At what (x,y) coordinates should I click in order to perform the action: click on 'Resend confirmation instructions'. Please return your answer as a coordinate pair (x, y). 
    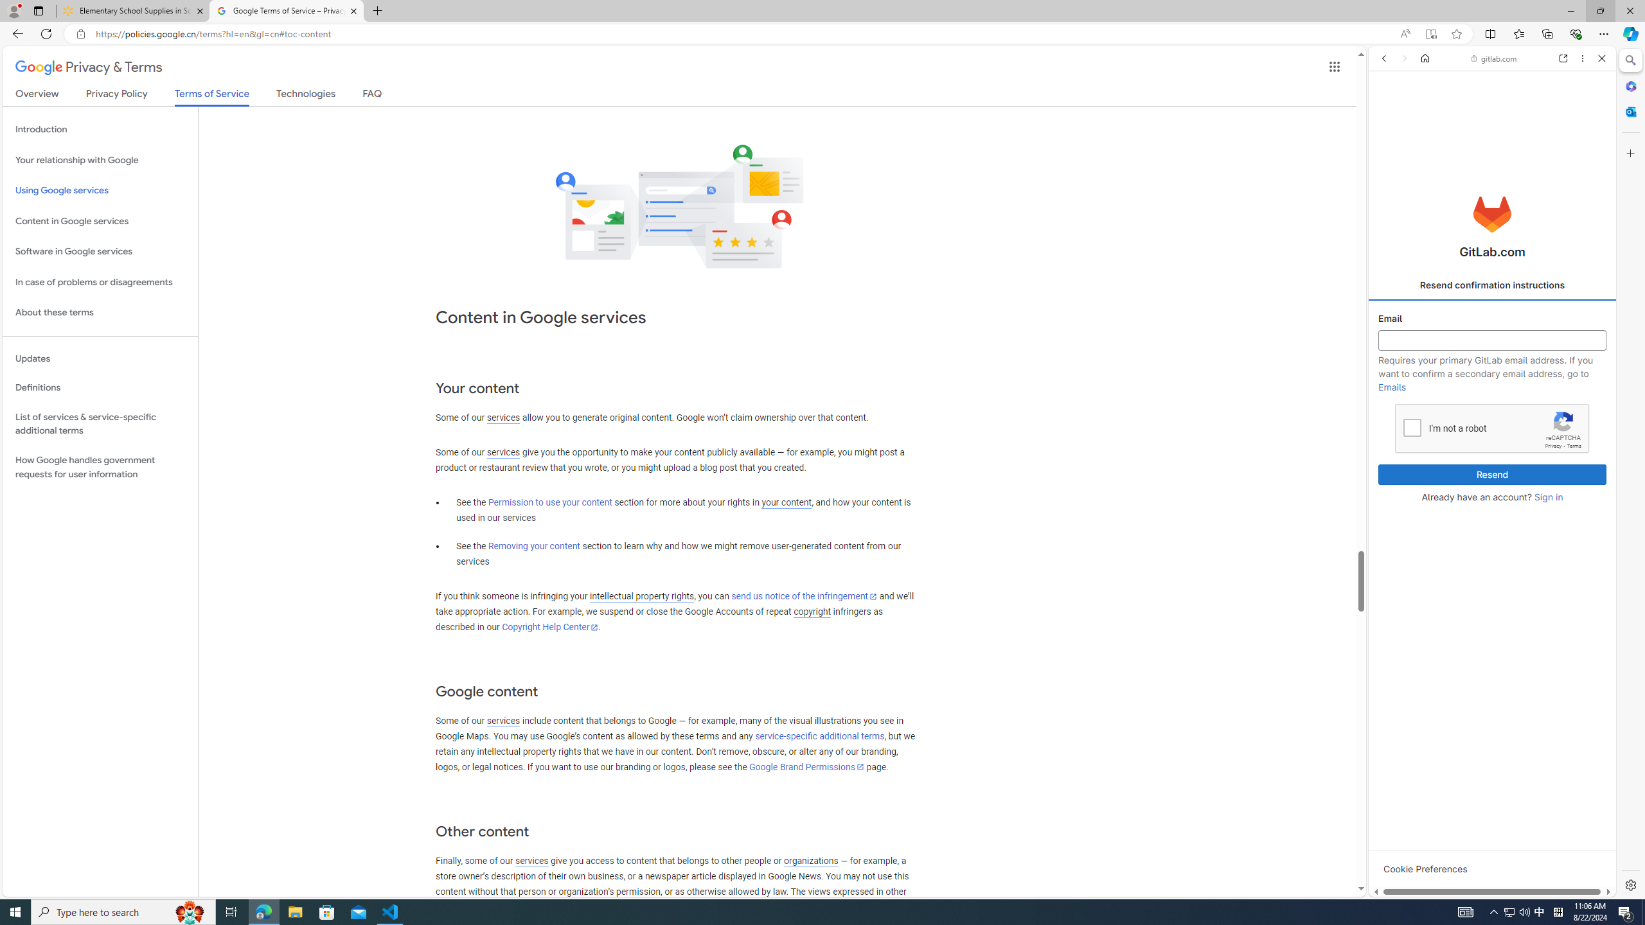
    Looking at the image, I should click on (1493, 285).